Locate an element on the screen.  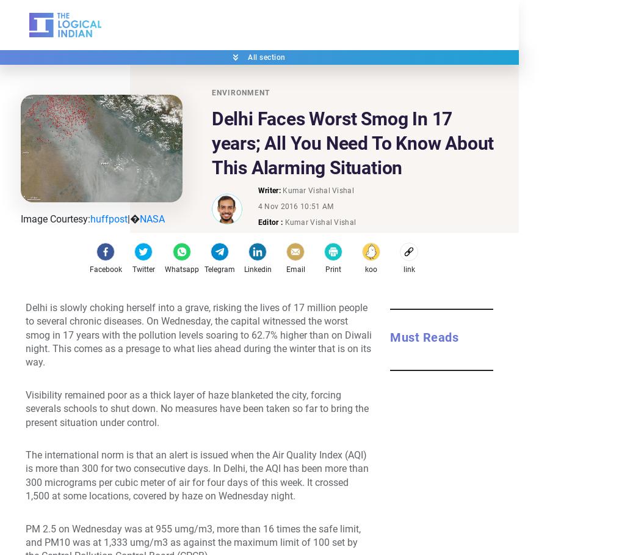
'Contributor' is located at coordinates (325, 260).